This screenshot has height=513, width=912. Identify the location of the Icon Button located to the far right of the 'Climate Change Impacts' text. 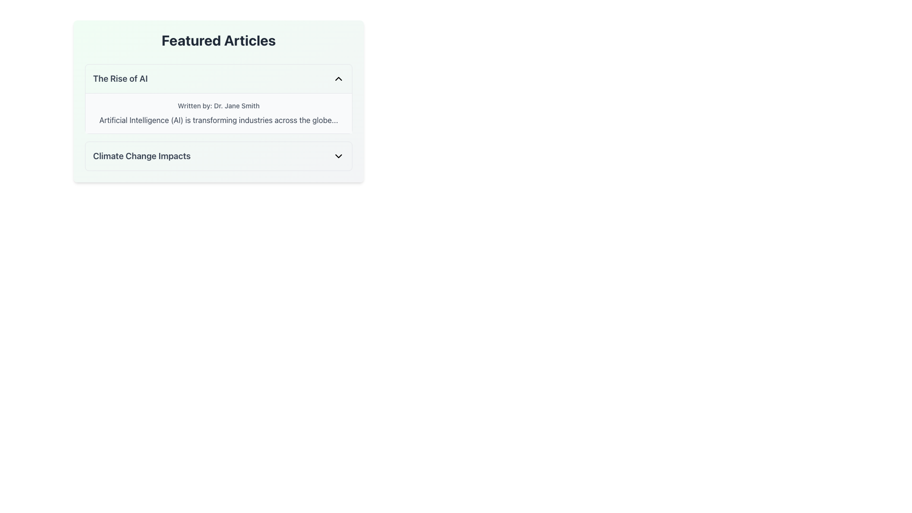
(339, 155).